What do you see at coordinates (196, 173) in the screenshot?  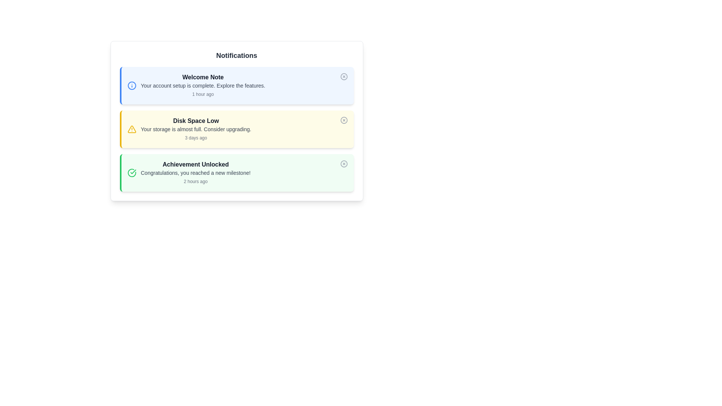 I see `the Text label that informs the user about reaching a new milestone, which is positioned below the title 'Achievement Unlocked' and above the timestamp '2 hours ago' in the third notification card` at bounding box center [196, 173].